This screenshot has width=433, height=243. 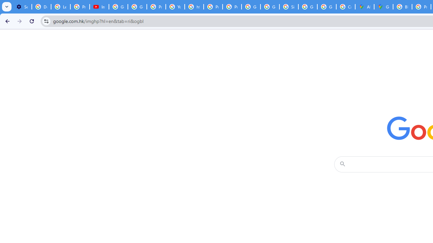 What do you see at coordinates (118, 7) in the screenshot?
I see `'Google Account Help'` at bounding box center [118, 7].